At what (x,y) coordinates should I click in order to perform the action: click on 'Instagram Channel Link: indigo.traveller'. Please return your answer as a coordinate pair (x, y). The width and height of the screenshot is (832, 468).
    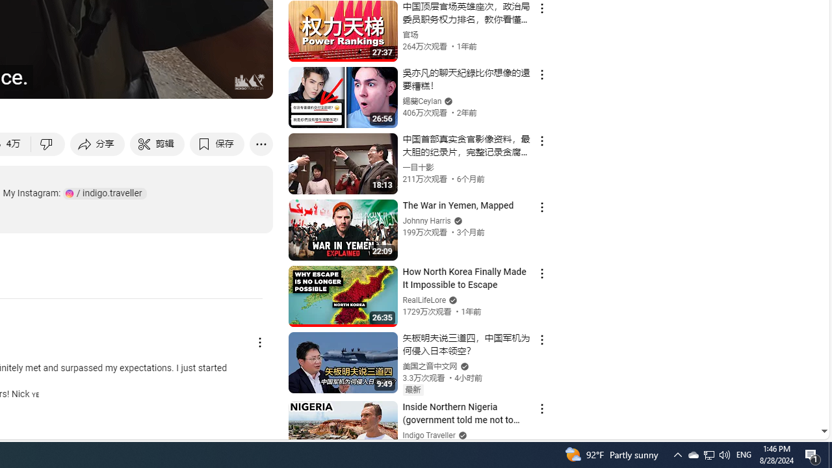
    Looking at the image, I should click on (105, 193).